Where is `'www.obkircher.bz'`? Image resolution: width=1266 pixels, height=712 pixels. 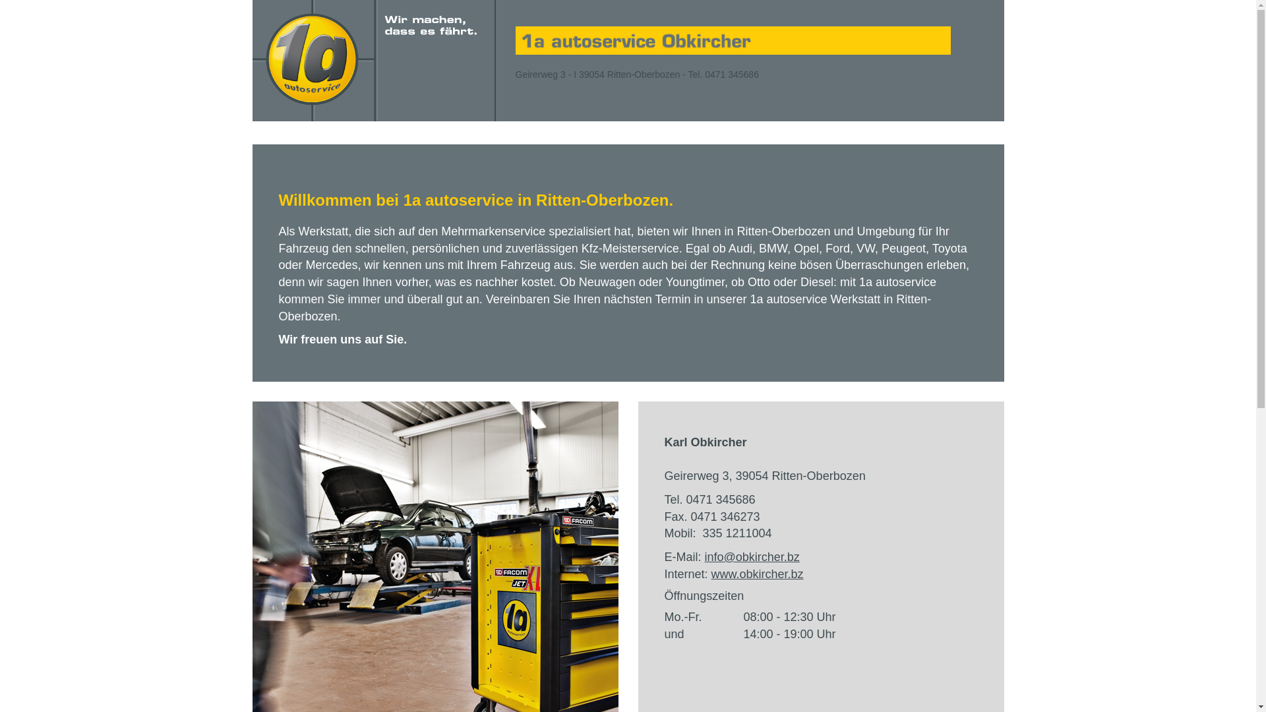
'www.obkircher.bz' is located at coordinates (757, 574).